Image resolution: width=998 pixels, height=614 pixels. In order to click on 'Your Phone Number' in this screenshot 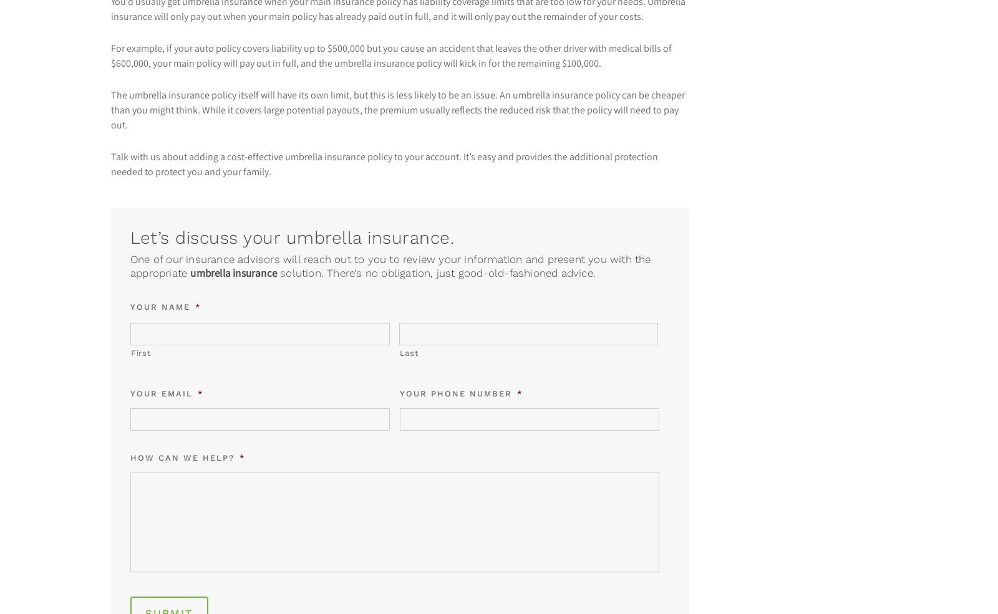, I will do `click(456, 393)`.